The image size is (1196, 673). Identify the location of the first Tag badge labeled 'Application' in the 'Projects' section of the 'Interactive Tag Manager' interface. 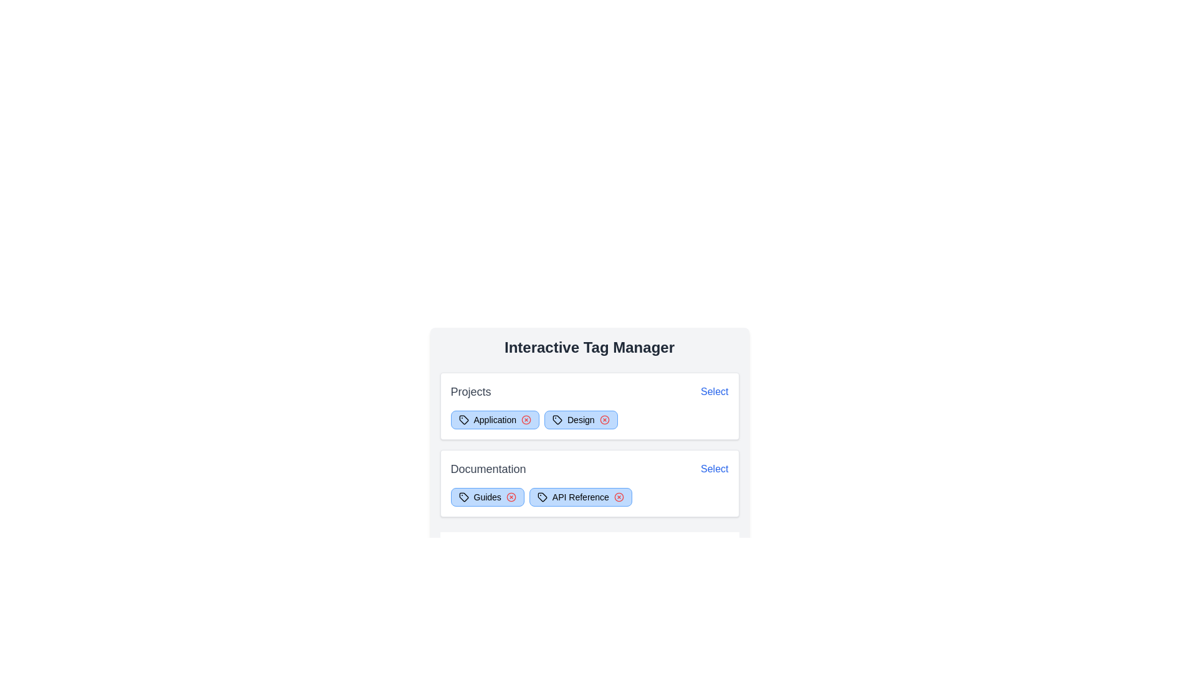
(494, 420).